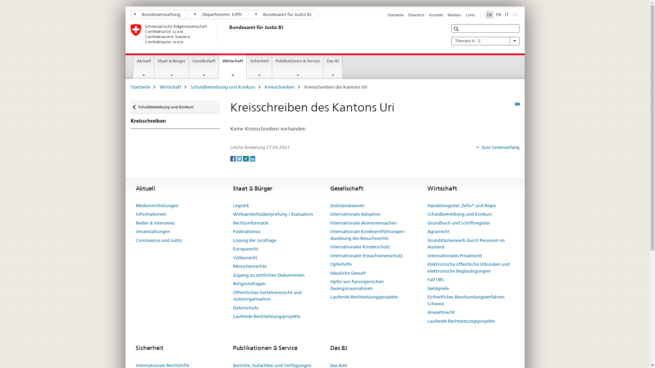  What do you see at coordinates (155, 223) in the screenshot?
I see `'Reden & Interviews'` at bounding box center [155, 223].